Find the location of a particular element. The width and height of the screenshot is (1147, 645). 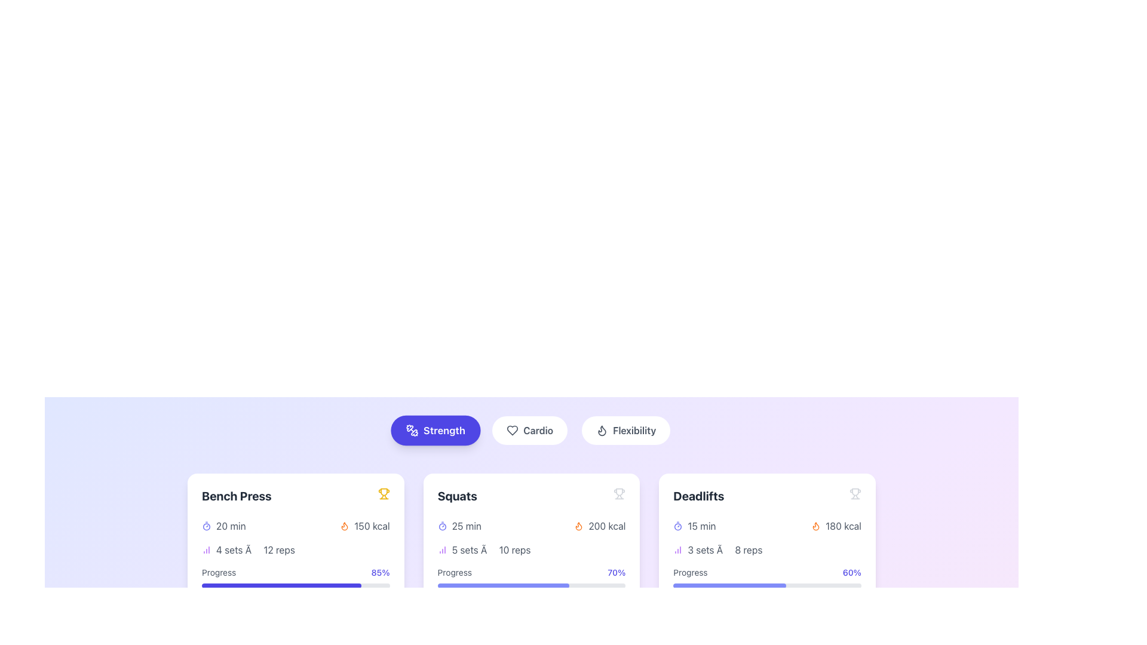

the text label displaying '20 min' in gray color, styled in a small, sans-serif font, located in the workout detail card under the heading 'Bench Press', positioned to the right of a small timer icon is located at coordinates (231, 525).